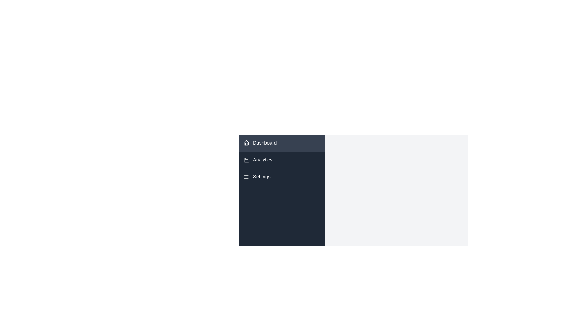 The height and width of the screenshot is (326, 579). Describe the element at coordinates (263, 159) in the screenshot. I see `the 'Analytics' text label in the left sidebar navigation menu` at that location.